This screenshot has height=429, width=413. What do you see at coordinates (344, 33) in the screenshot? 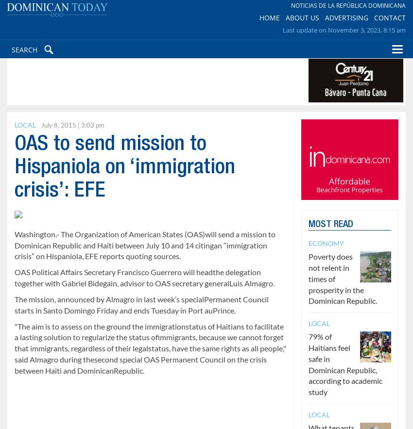
I see `'Last update on November 3, 2023, 8:15 am'` at bounding box center [344, 33].